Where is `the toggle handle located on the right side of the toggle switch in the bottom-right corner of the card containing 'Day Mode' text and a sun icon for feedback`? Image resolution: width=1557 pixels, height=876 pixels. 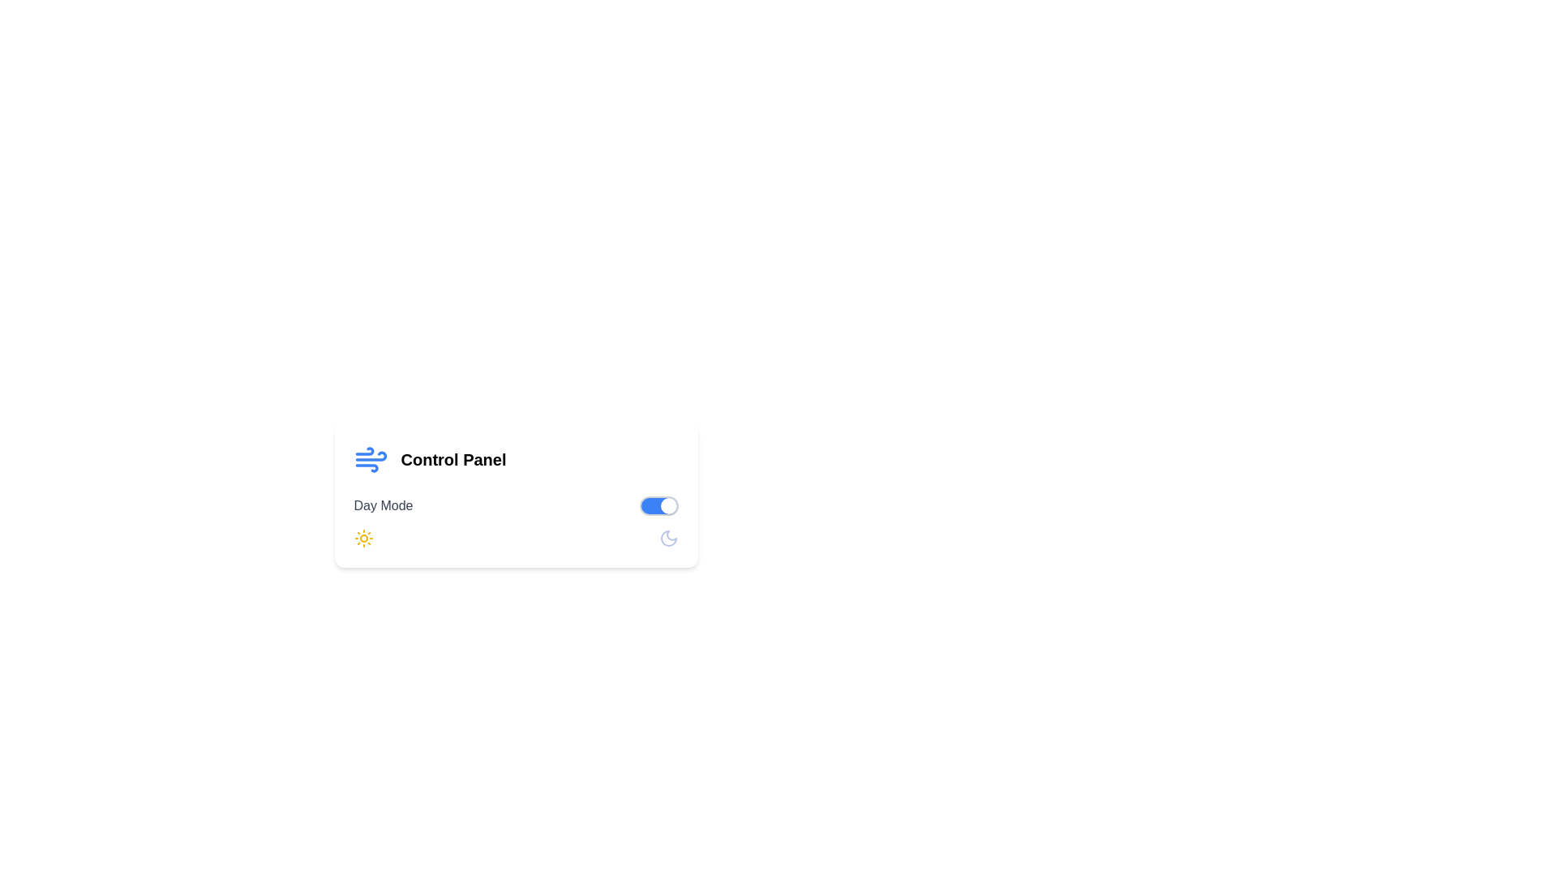 the toggle handle located on the right side of the toggle switch in the bottom-right corner of the card containing 'Day Mode' text and a sun icon for feedback is located at coordinates (668, 505).